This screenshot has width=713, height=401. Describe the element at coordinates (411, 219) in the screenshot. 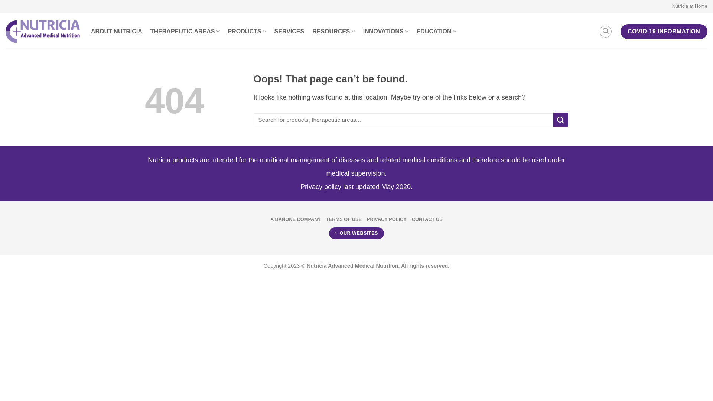

I see `'CONTACT US'` at that location.